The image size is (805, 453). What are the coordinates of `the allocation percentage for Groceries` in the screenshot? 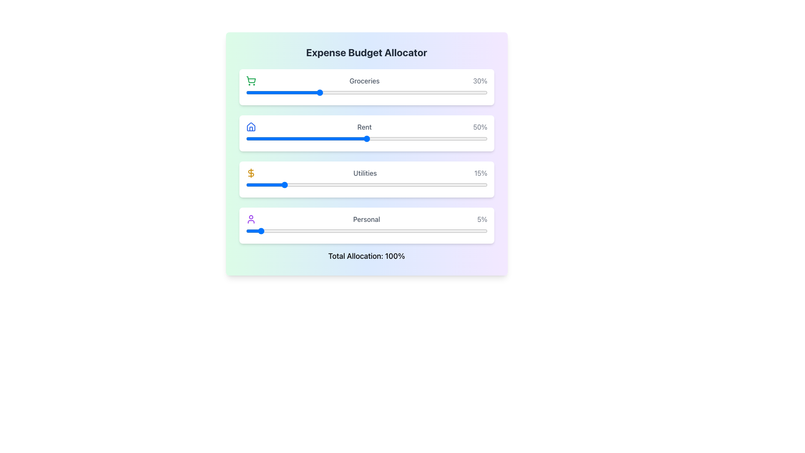 It's located at (252, 92).